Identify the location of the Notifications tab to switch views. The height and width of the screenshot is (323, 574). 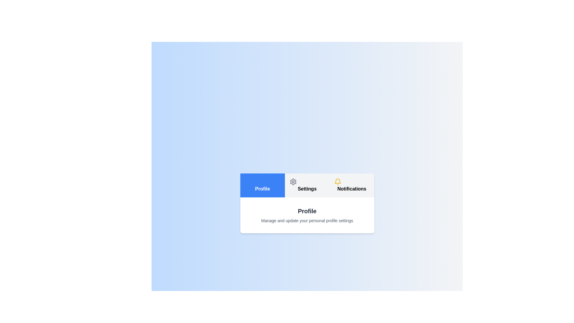
(352, 185).